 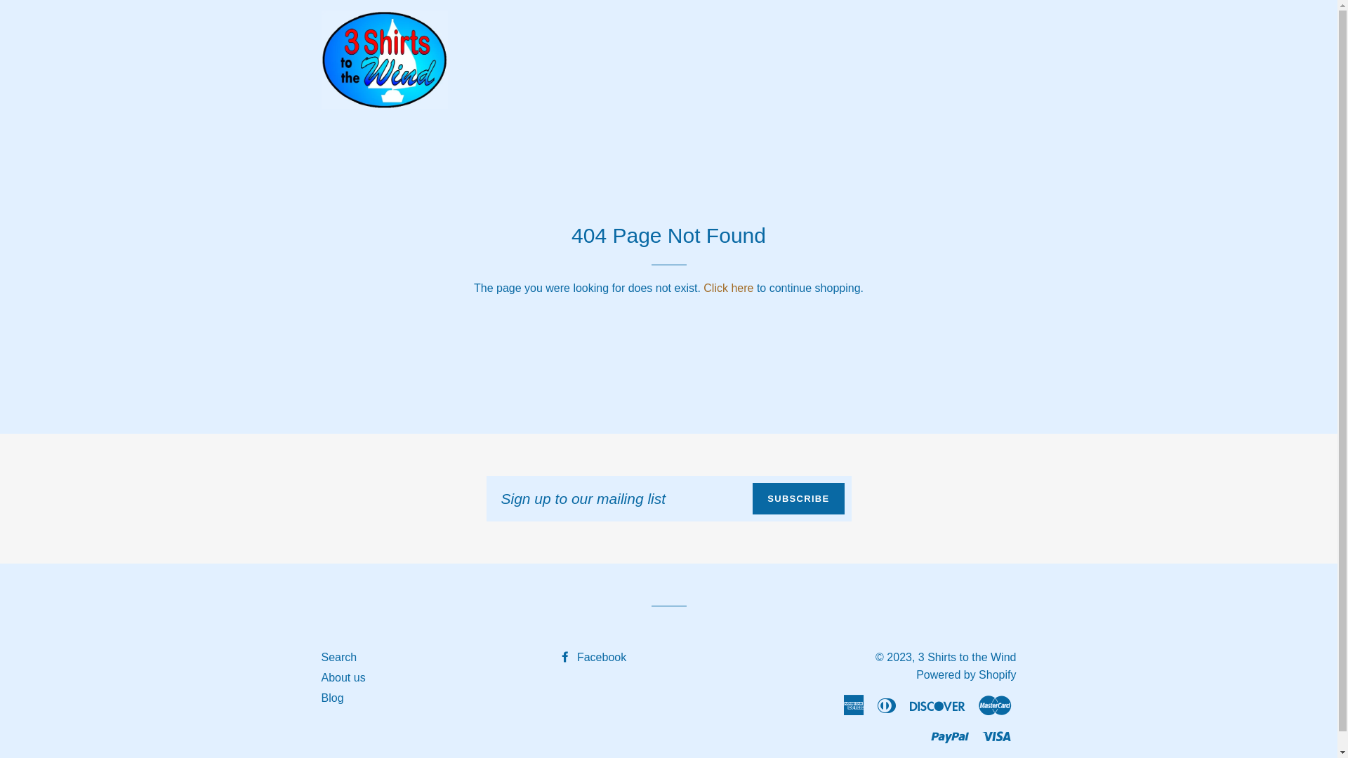 What do you see at coordinates (558, 657) in the screenshot?
I see `'Facebook'` at bounding box center [558, 657].